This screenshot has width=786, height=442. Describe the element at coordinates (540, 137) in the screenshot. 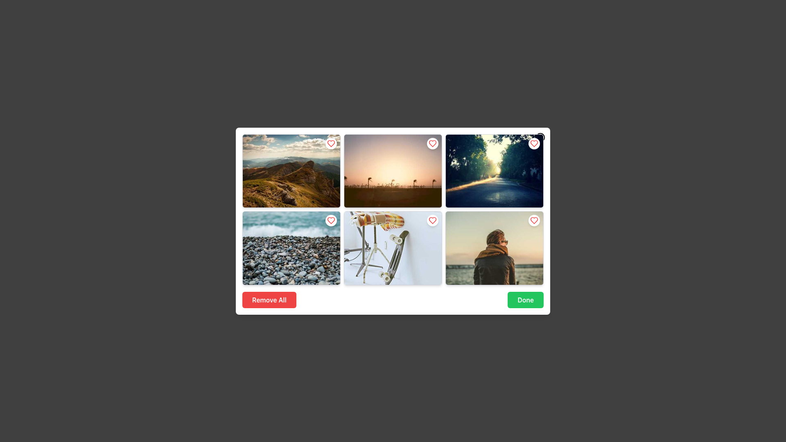

I see `the Close Button Icon, which is a circular icon with an 'X' mark in the center, located at the top-right corner of the frame containing a picture` at that location.